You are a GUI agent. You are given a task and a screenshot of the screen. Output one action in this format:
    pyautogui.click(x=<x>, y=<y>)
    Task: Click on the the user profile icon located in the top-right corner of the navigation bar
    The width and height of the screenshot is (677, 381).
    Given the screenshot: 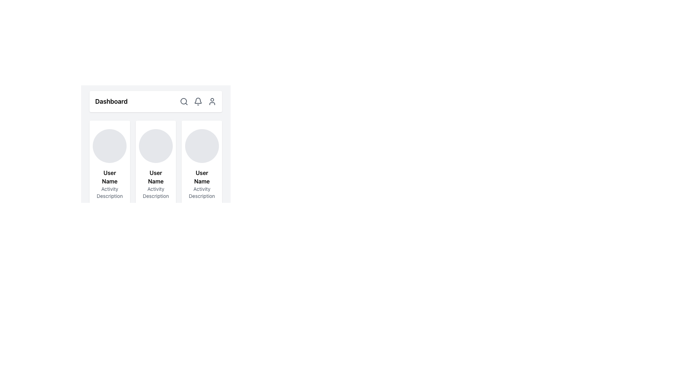 What is the action you would take?
    pyautogui.click(x=212, y=102)
    